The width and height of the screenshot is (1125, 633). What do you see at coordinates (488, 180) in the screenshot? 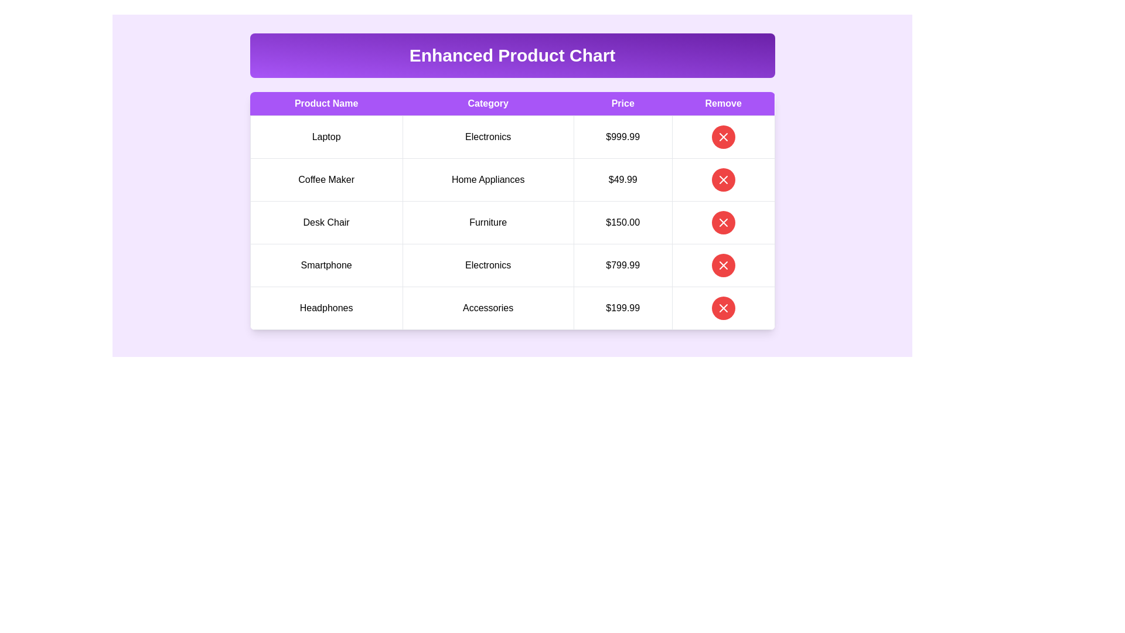
I see `the text label in the second row of the table within the 'Category' column, which provides organizational context for the product` at bounding box center [488, 180].